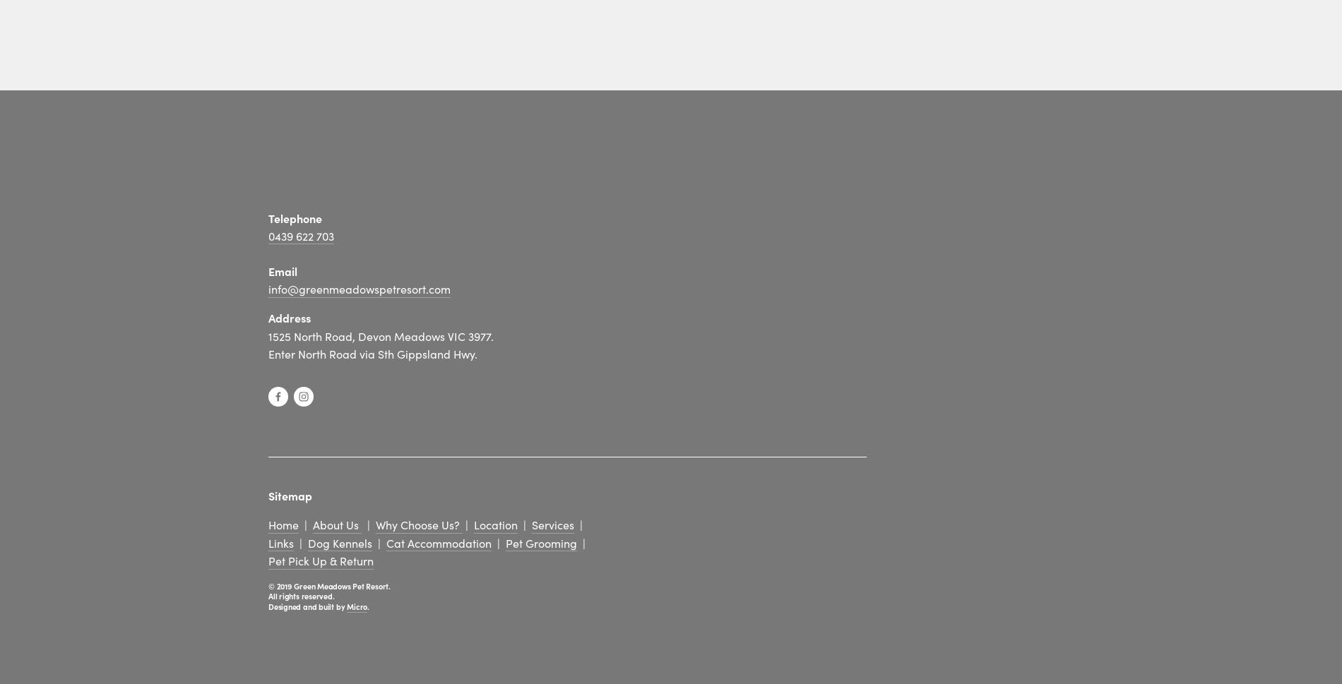 This screenshot has height=684, width=1342. I want to click on '0439 622 703', so click(300, 234).